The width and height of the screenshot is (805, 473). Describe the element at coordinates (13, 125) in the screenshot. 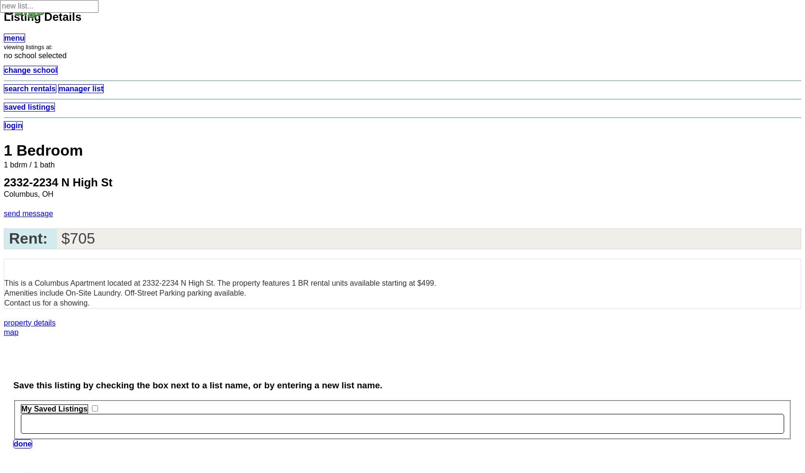

I see `'login'` at that location.